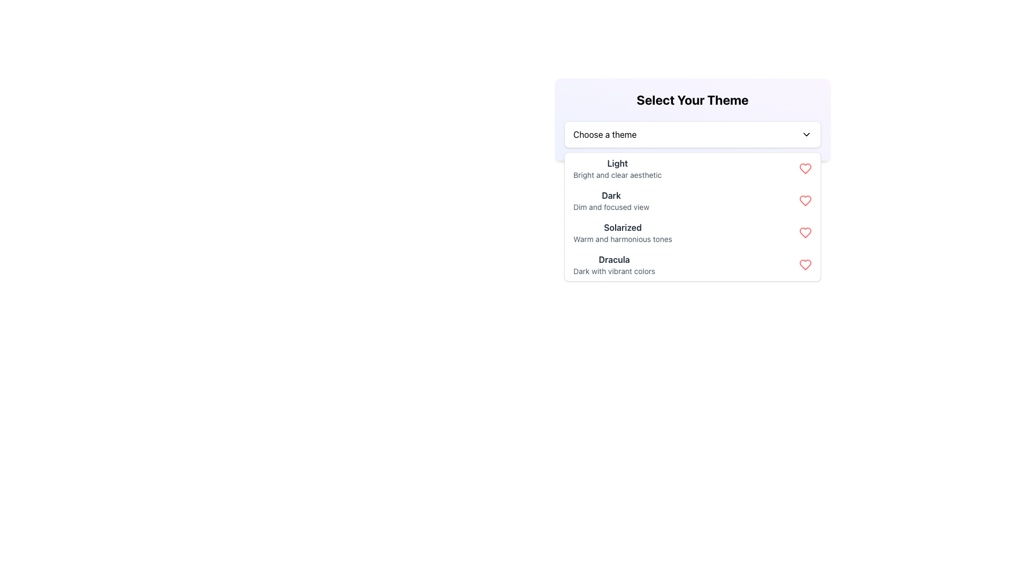 This screenshot has height=577, width=1027. I want to click on content displayed in the second Text Display element under the 'Select Your Theme' dropdown menu, which is positioned between the 'Light' and 'Solarized' theme options, so click(611, 200).